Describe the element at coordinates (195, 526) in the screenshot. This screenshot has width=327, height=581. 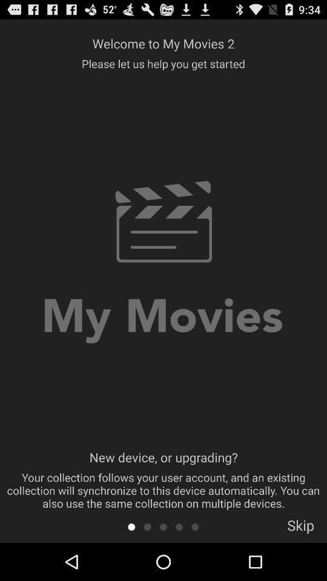
I see `next` at that location.